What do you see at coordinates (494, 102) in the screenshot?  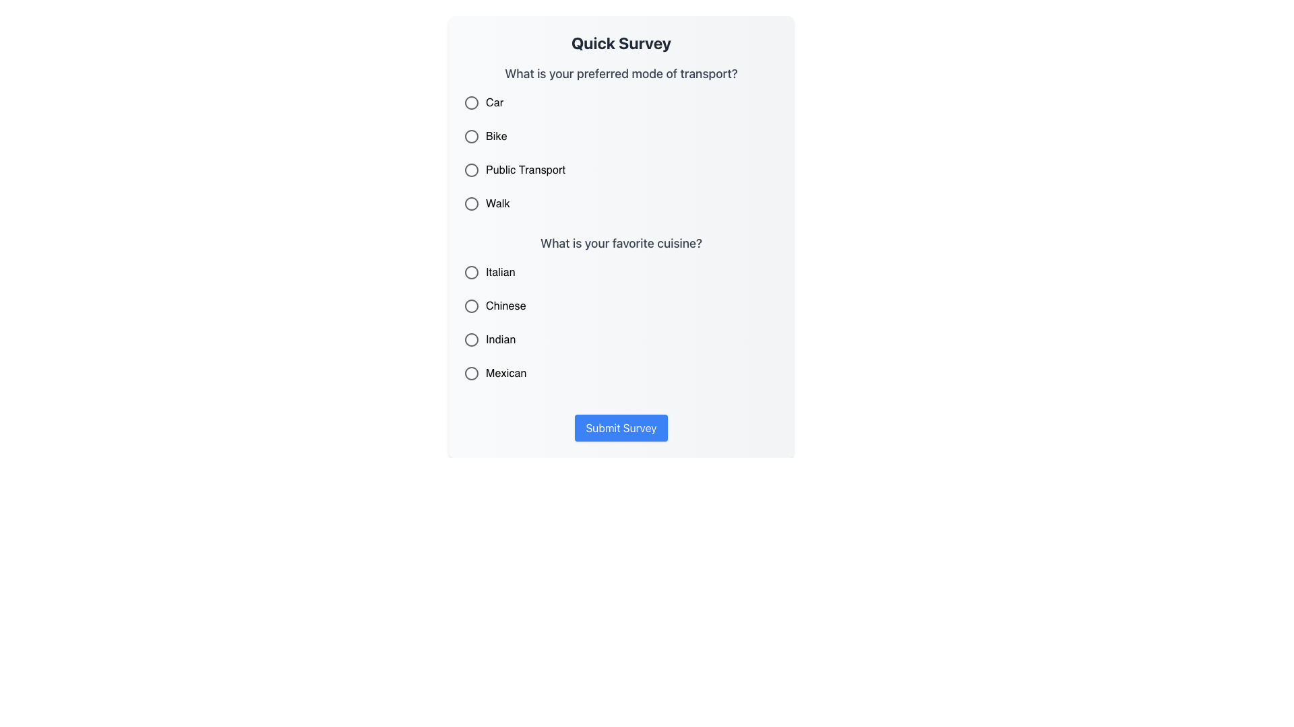 I see `the text label reading 'Car', which is styled with a standard font and is located beside a circular radio button under the question 'What is your preferred mode of transport?'` at bounding box center [494, 102].